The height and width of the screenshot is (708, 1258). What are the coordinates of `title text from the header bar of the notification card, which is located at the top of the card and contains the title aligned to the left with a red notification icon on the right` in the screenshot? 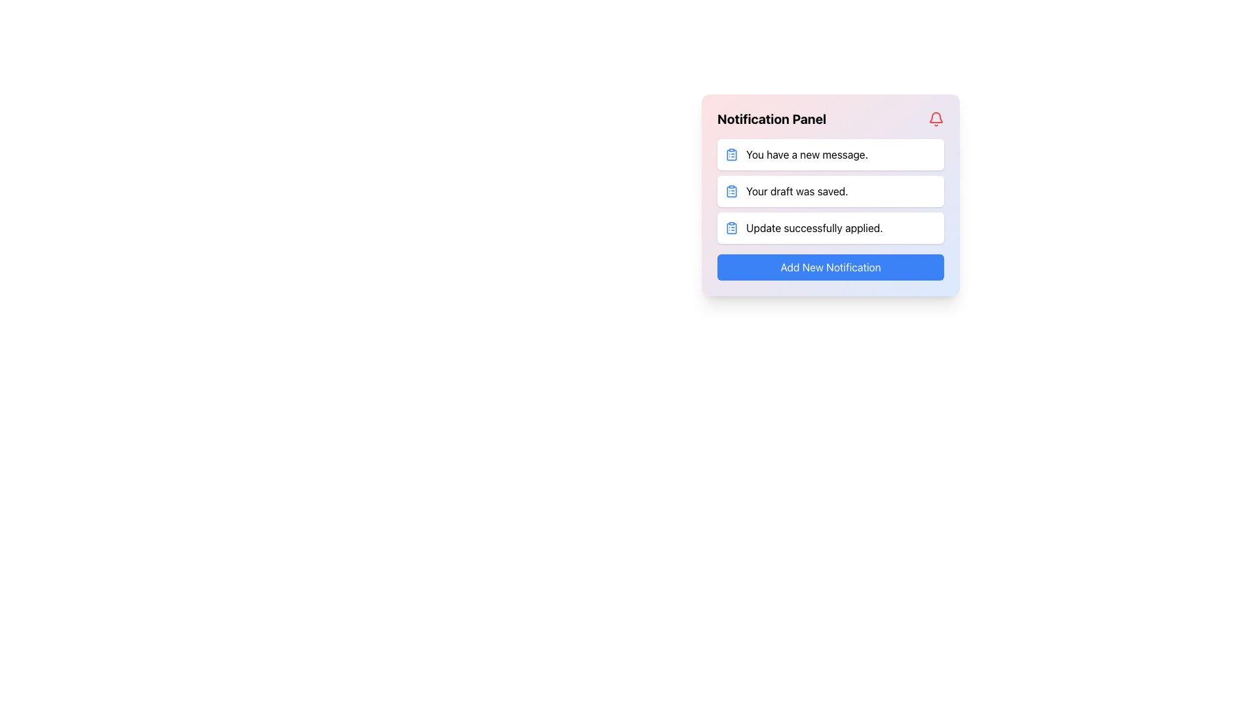 It's located at (829, 119).